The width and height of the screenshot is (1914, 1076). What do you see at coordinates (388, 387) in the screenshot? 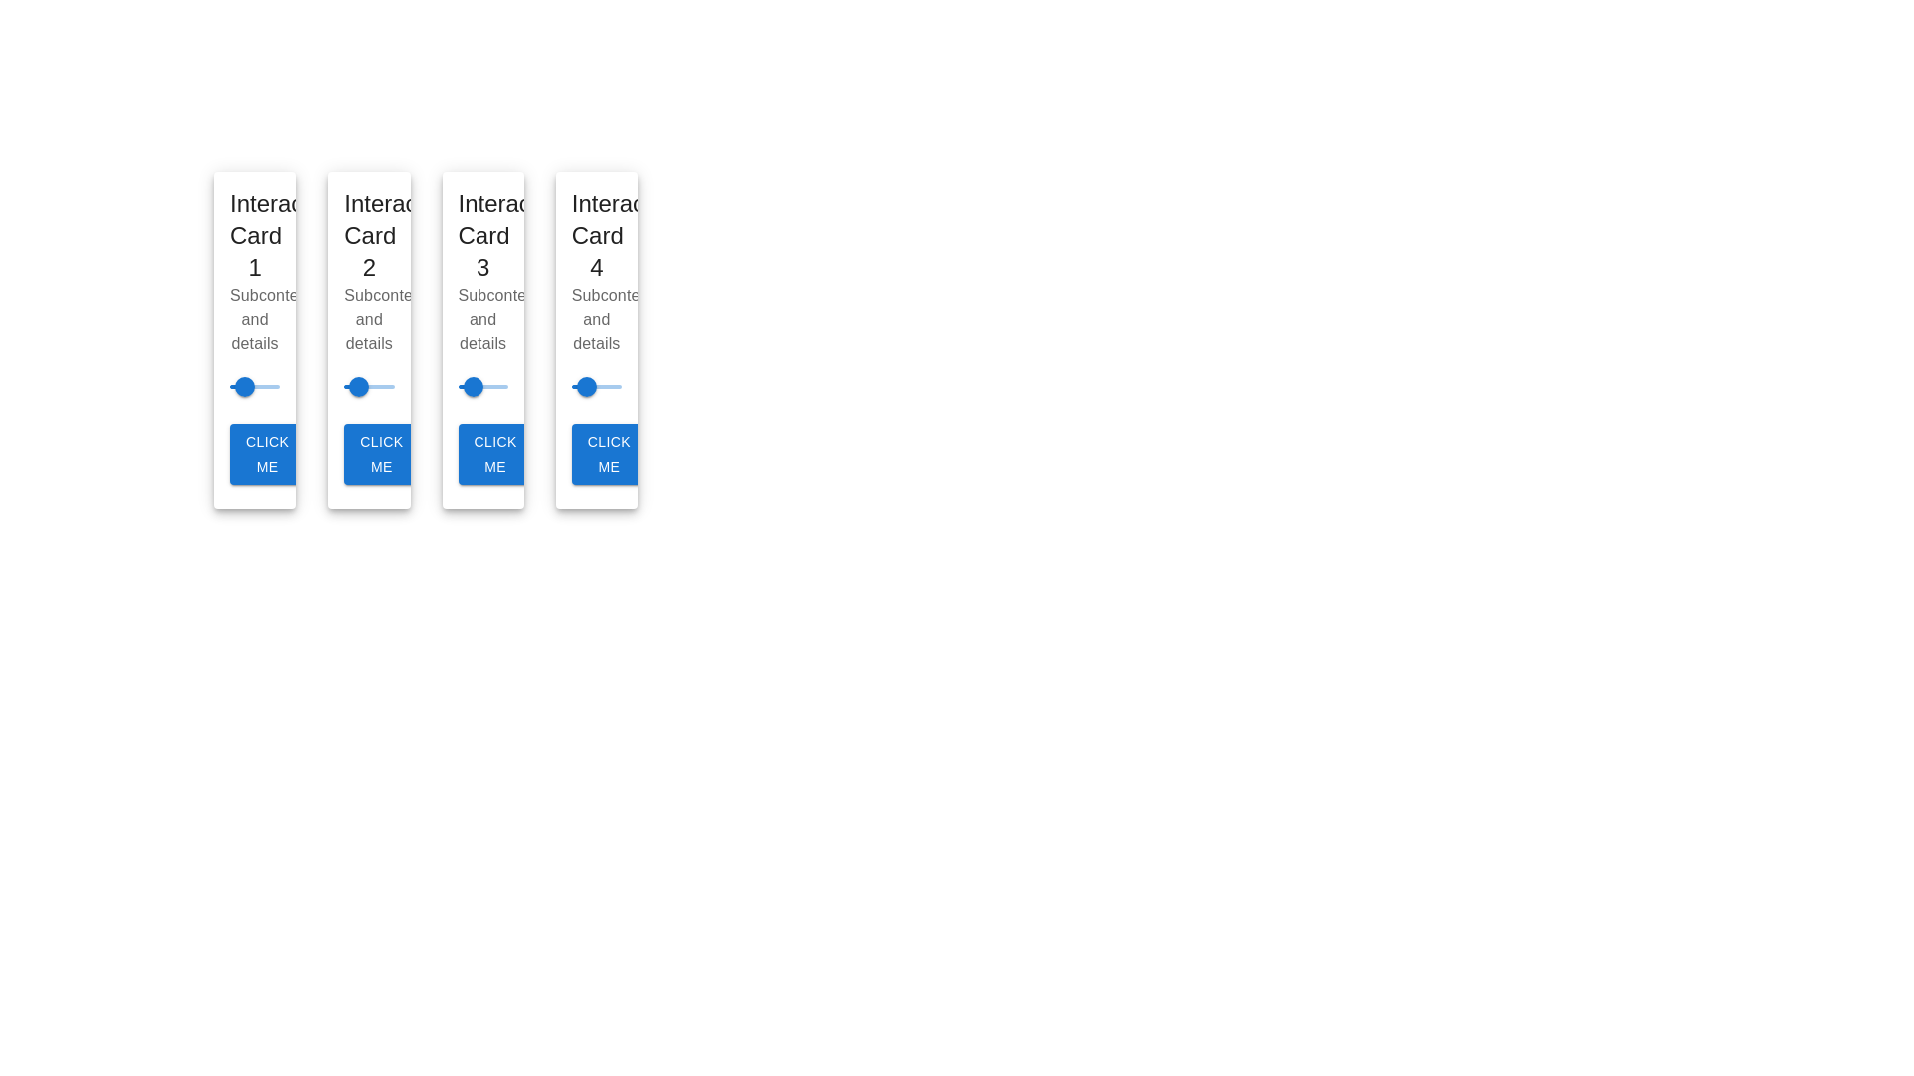
I see `the slider` at bounding box center [388, 387].